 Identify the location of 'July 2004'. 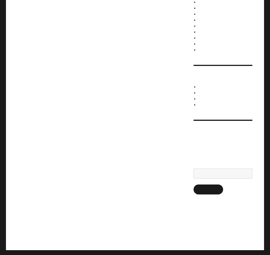
(205, 25).